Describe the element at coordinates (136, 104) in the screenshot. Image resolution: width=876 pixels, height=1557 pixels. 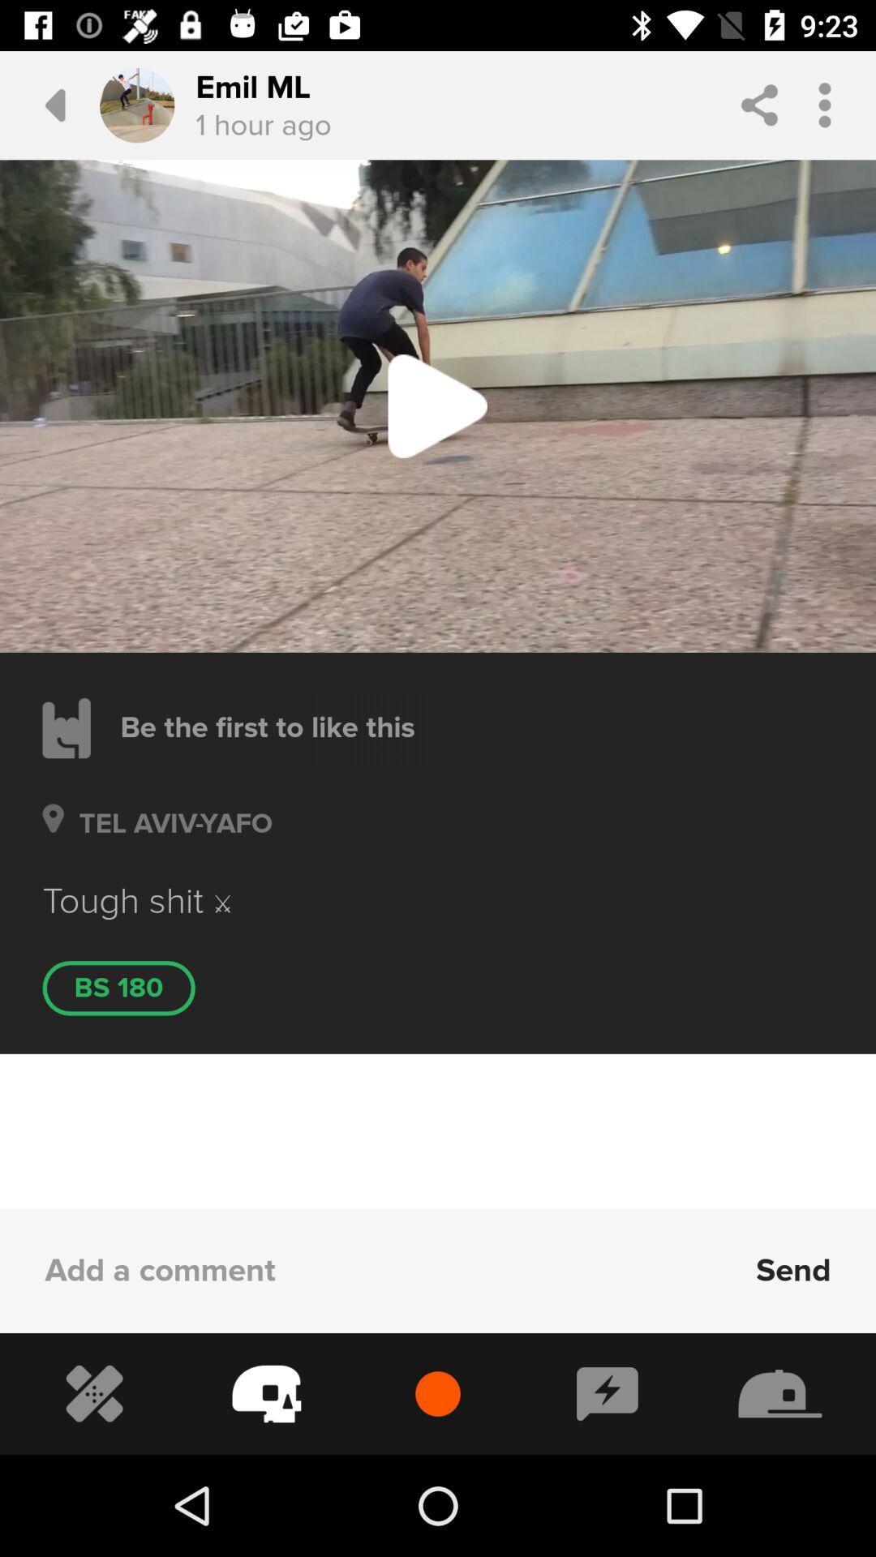
I see `the image on the right next to the top left corner button on the web page` at that location.